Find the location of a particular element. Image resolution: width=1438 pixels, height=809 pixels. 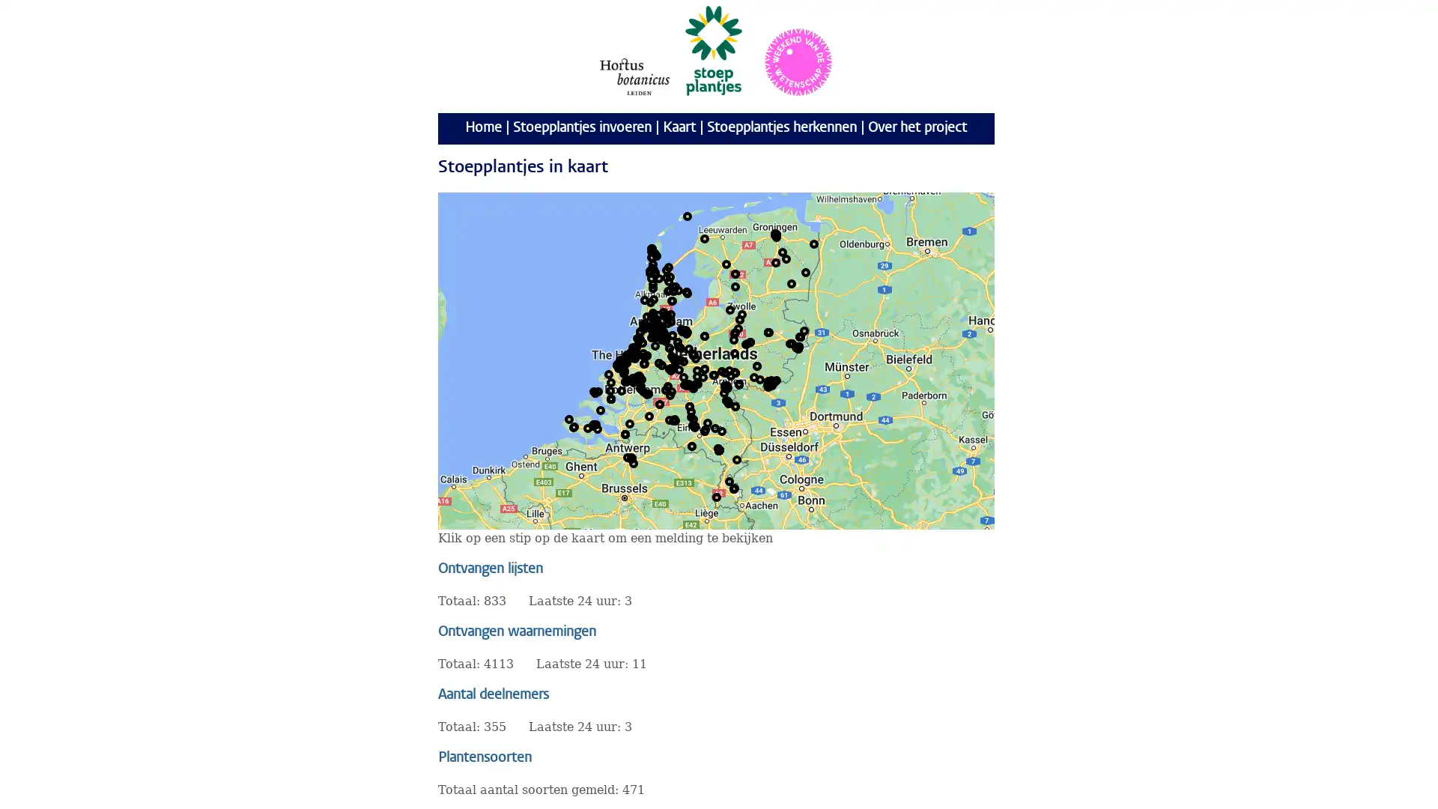

Telling van Marcel Meijer Hof op 06 februari 2022 is located at coordinates (797, 347).